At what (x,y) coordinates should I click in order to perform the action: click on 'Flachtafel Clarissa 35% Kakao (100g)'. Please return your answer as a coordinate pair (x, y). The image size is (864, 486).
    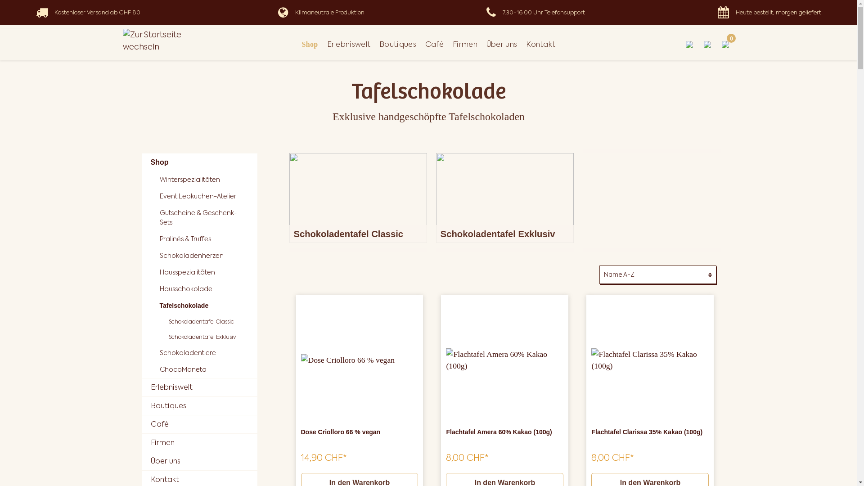
    Looking at the image, I should click on (591, 360).